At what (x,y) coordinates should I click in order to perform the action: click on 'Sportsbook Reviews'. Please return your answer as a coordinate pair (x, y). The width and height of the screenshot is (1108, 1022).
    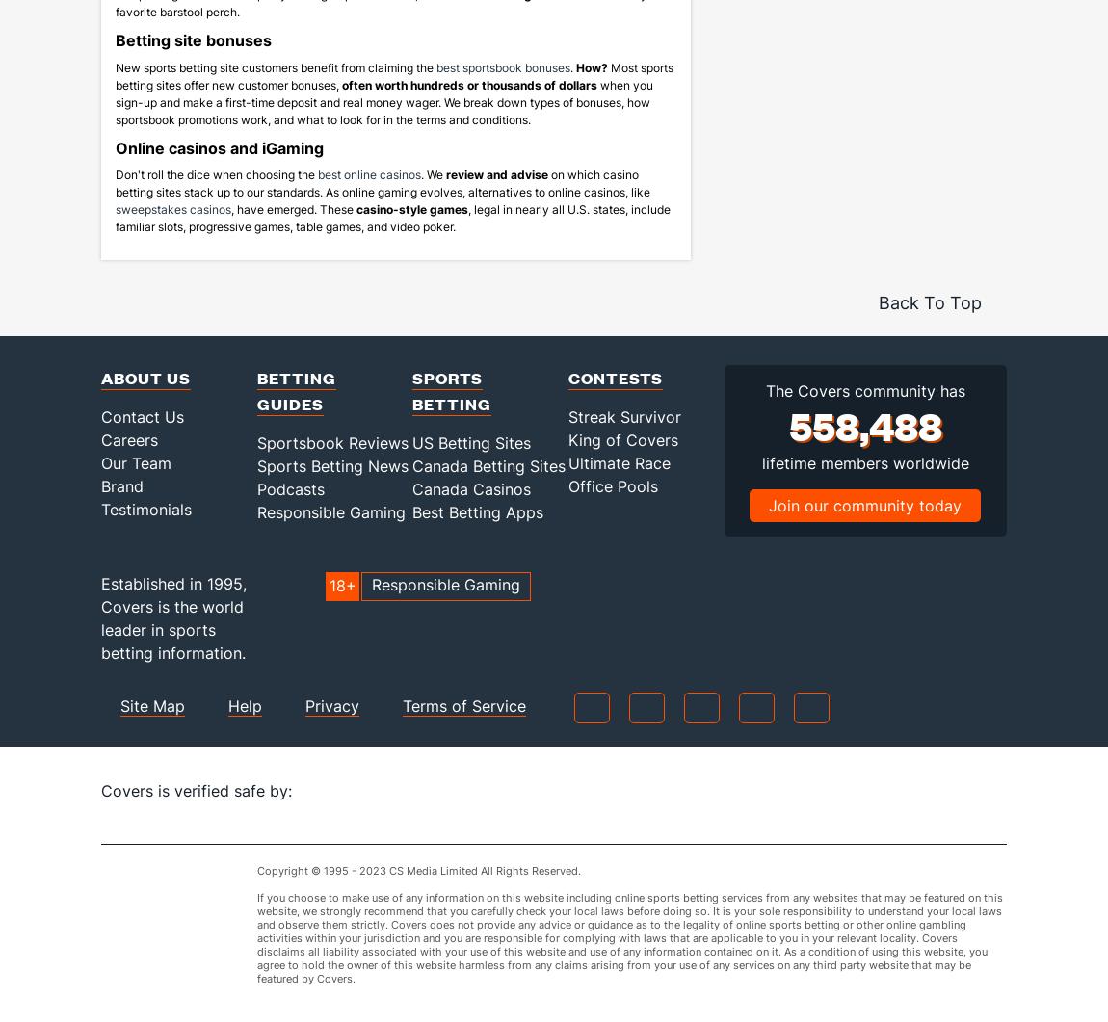
    Looking at the image, I should click on (331, 466).